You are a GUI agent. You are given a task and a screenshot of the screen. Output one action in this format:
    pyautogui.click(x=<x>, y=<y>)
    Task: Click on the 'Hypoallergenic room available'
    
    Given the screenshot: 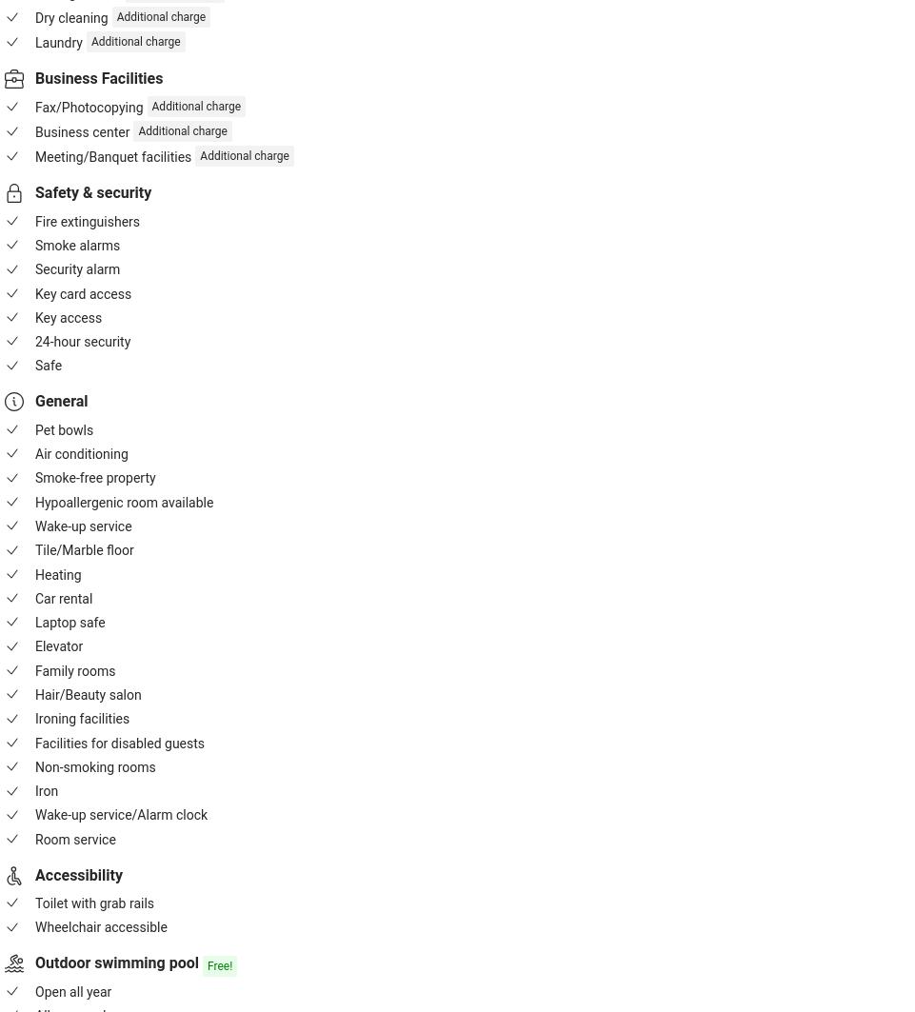 What is the action you would take?
    pyautogui.click(x=123, y=502)
    